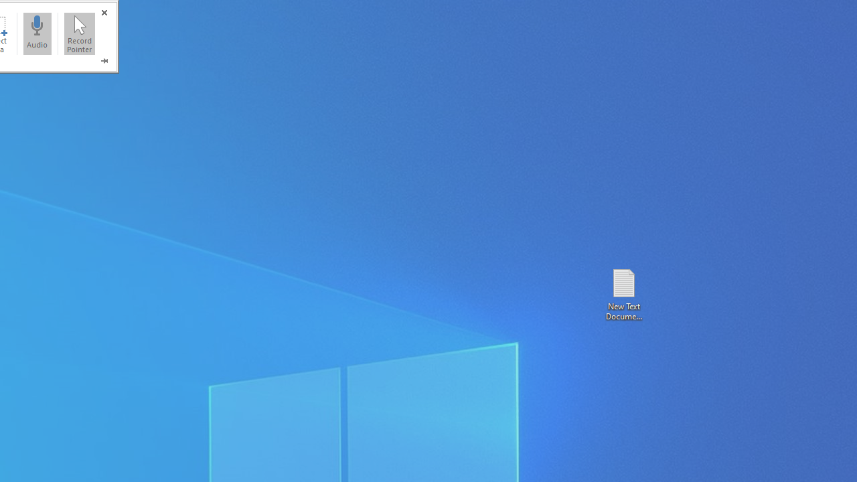  What do you see at coordinates (103, 13) in the screenshot?
I see `'Close (Windows logo key+Shift+Q)'` at bounding box center [103, 13].